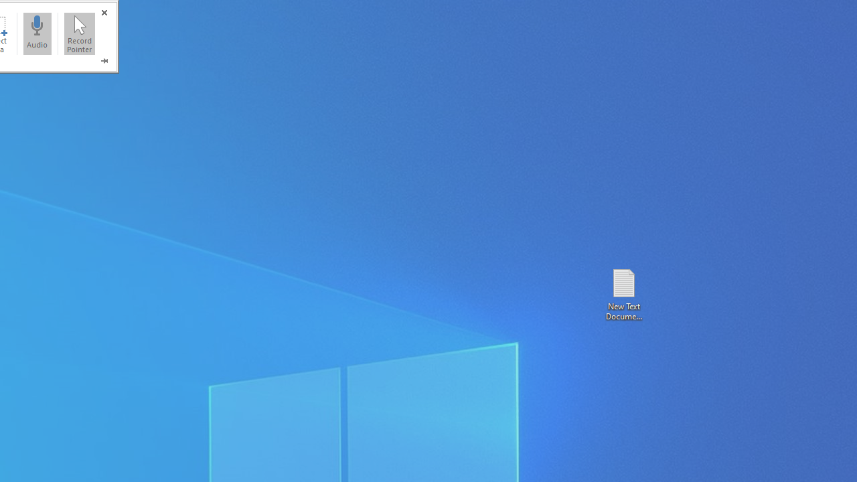  What do you see at coordinates (103, 13) in the screenshot?
I see `'Close (Windows logo key+Shift+Q)'` at bounding box center [103, 13].